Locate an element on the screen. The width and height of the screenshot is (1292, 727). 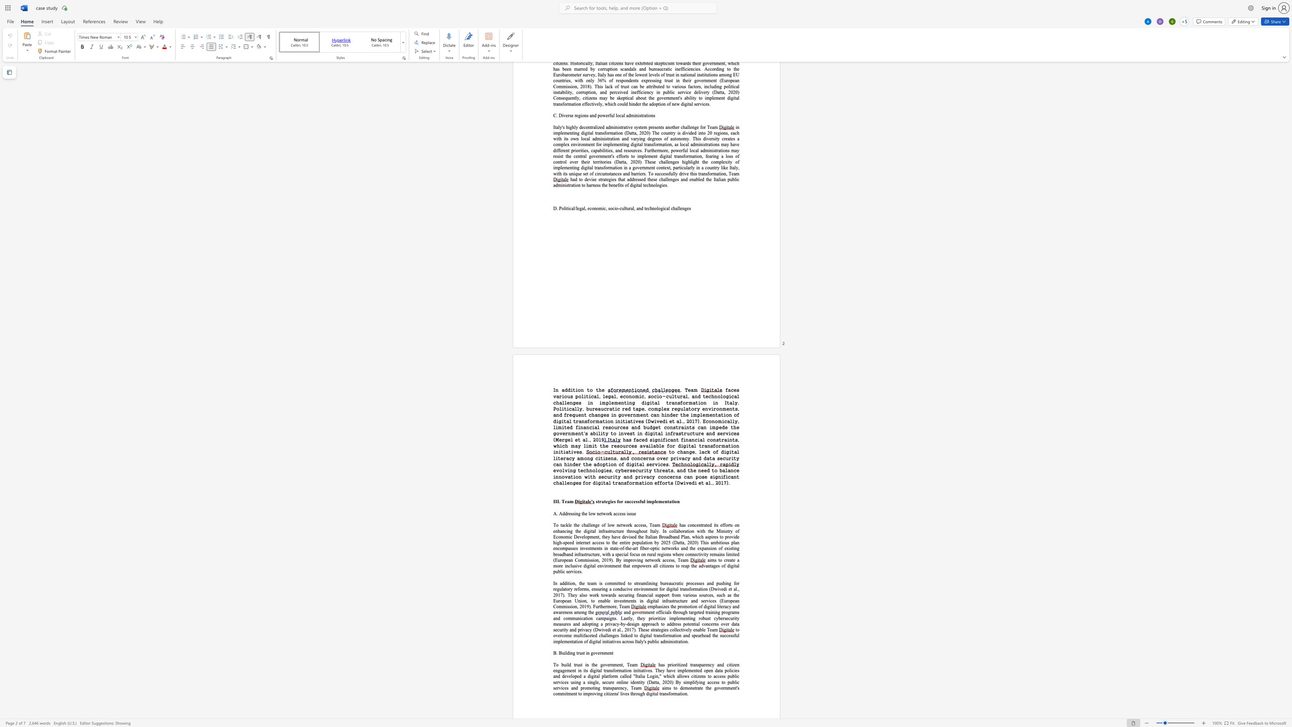
the space between the continuous character "e" and "r" in the text is located at coordinates (640, 612).